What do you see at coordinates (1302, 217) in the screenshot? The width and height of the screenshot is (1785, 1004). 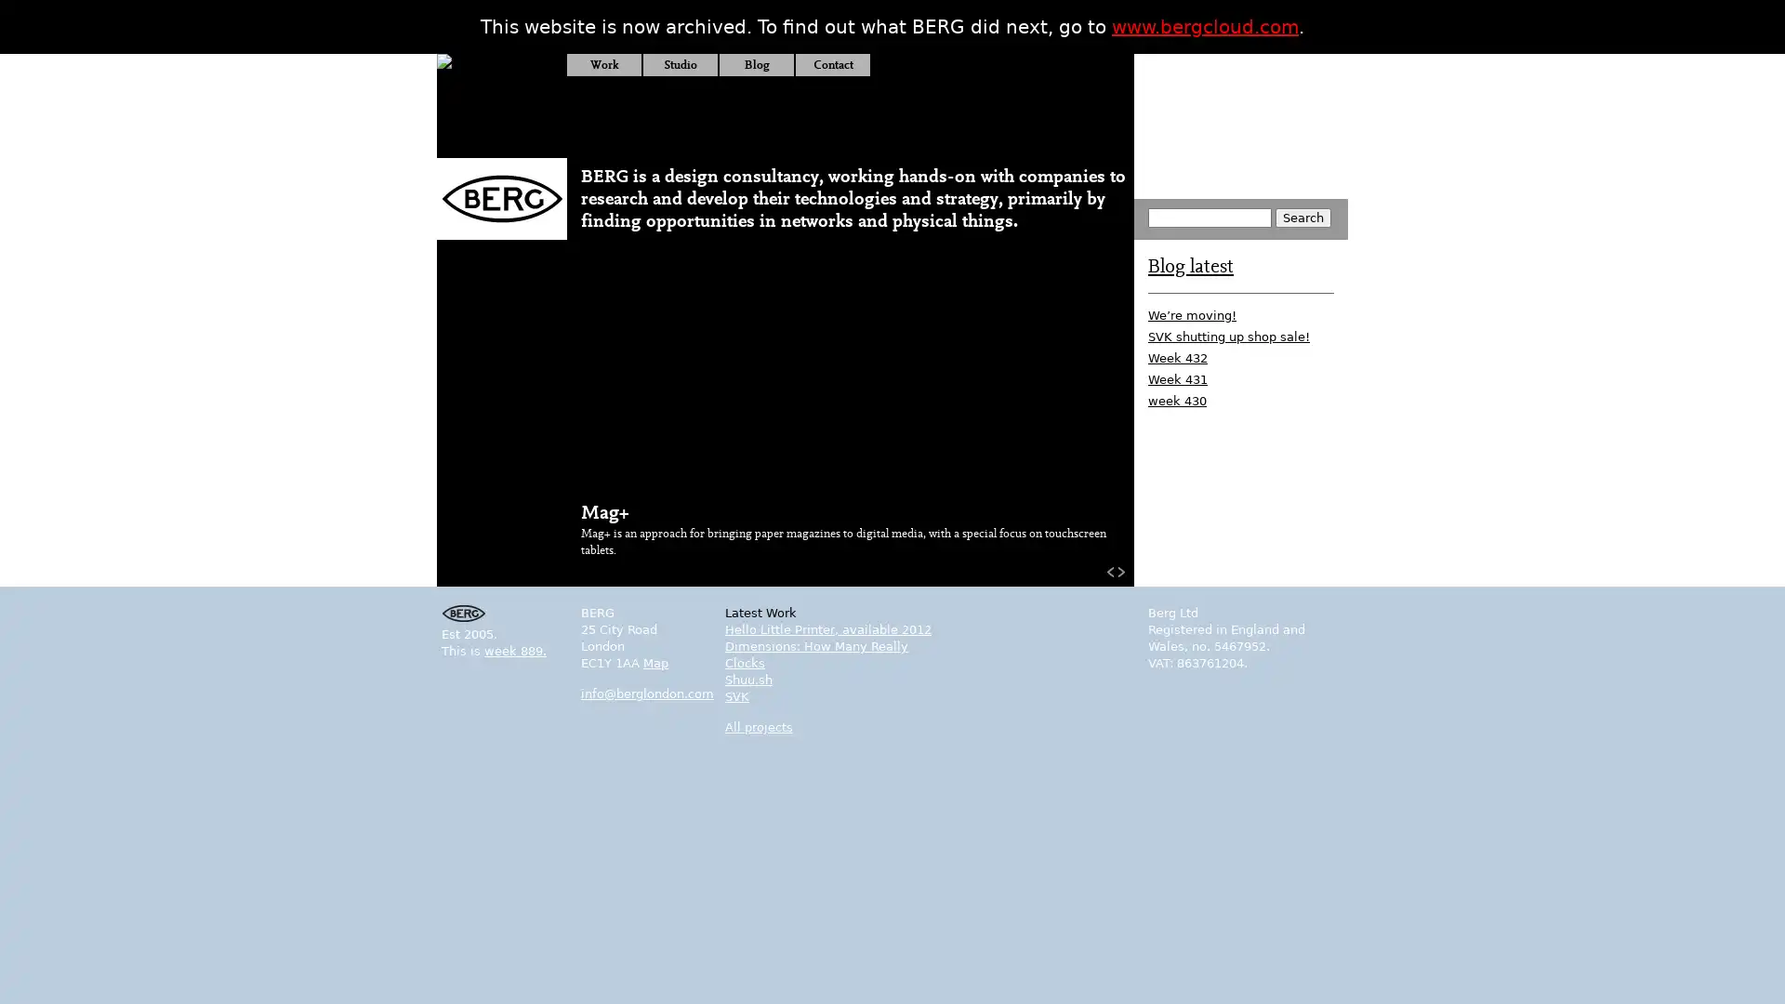 I see `Search` at bounding box center [1302, 217].